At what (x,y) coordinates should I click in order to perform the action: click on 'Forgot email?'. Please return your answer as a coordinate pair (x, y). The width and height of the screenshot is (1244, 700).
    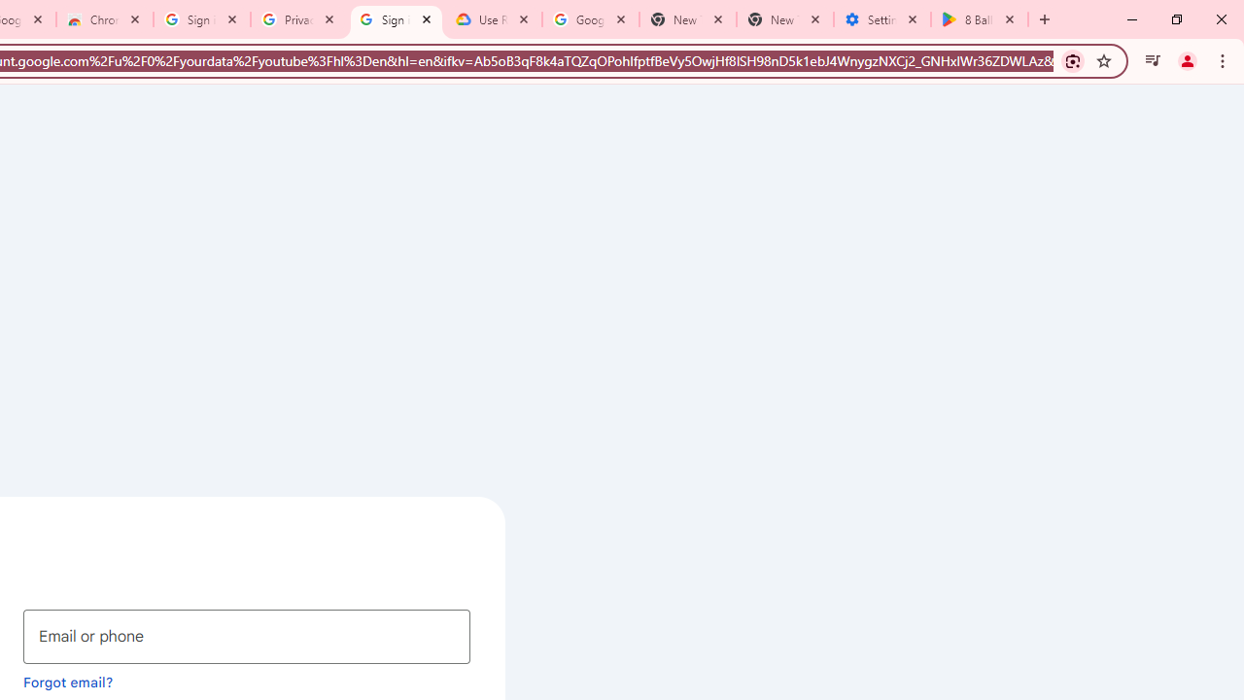
    Looking at the image, I should click on (68, 681).